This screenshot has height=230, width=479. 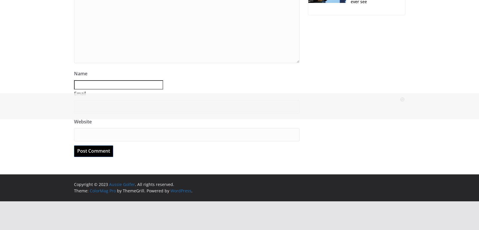 I want to click on 'Name', so click(x=81, y=73).